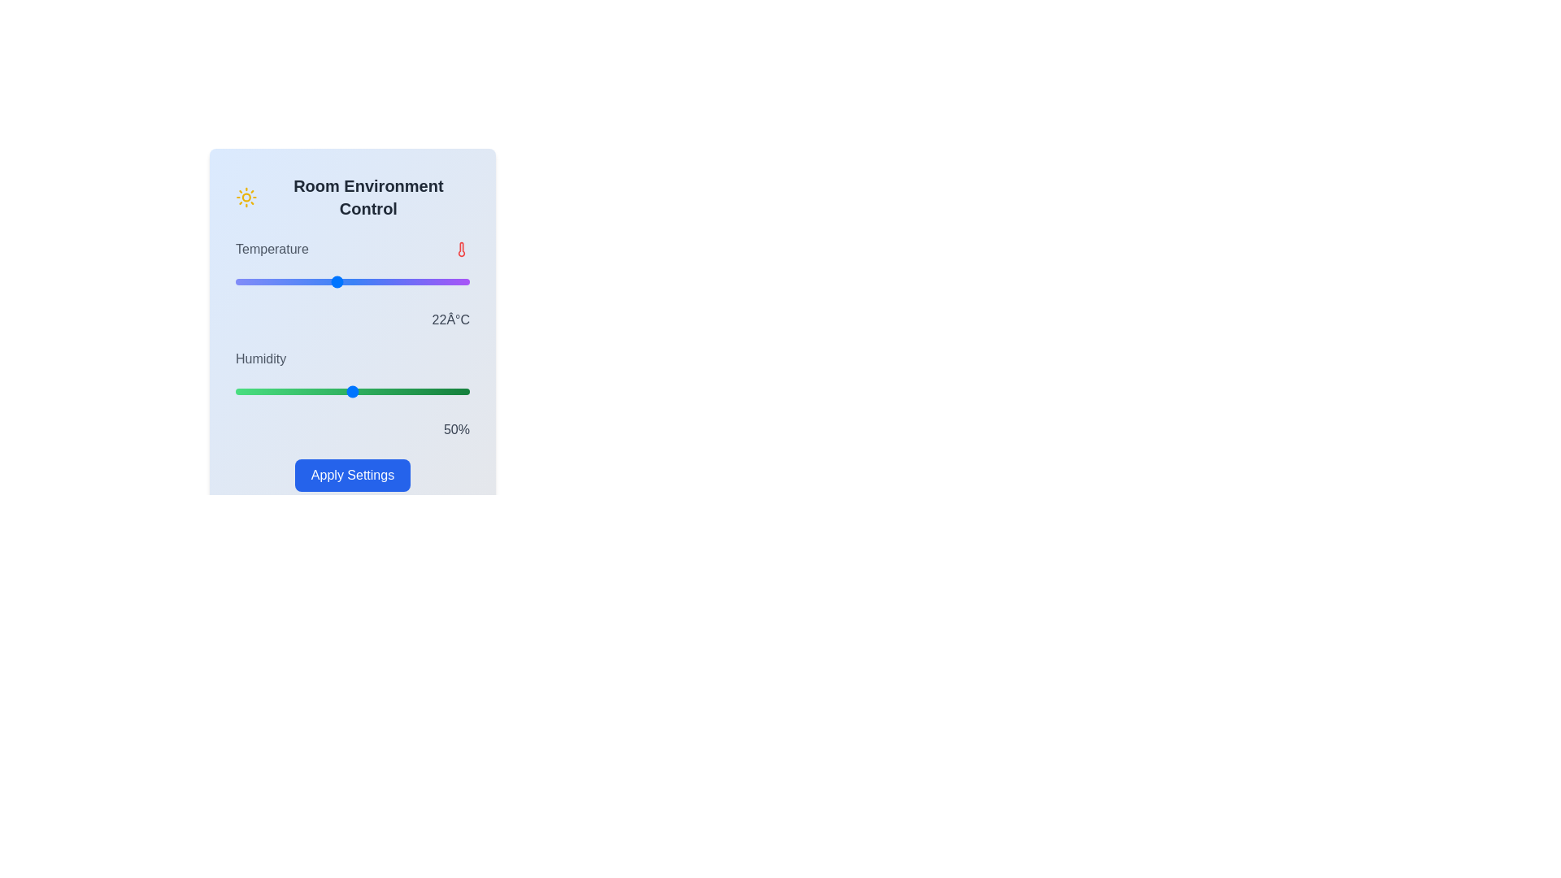 This screenshot has height=878, width=1561. What do you see at coordinates (351, 281) in the screenshot?
I see `the temperature slider to set the temperature to 23°C` at bounding box center [351, 281].